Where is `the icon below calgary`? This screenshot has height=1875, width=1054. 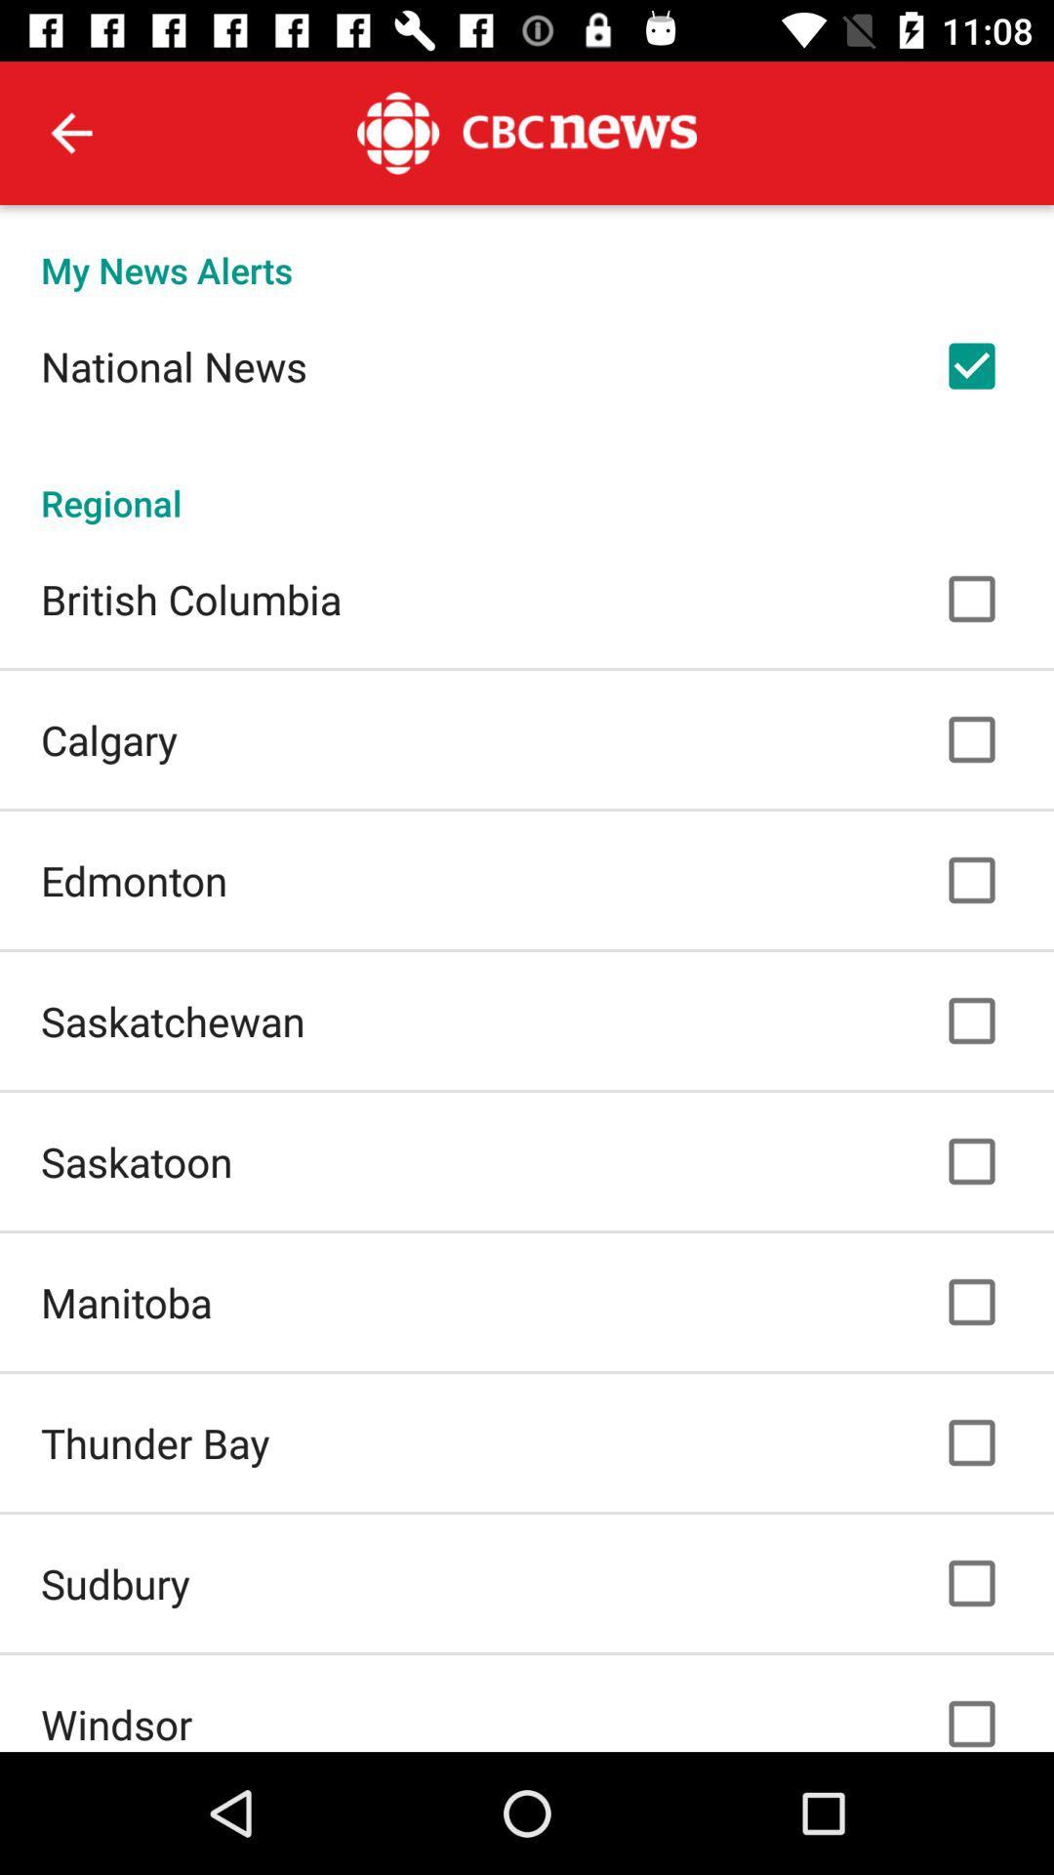 the icon below calgary is located at coordinates (133, 879).